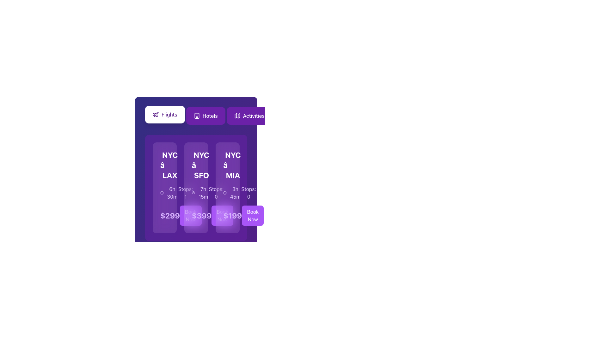 The height and width of the screenshot is (341, 607). What do you see at coordinates (210, 116) in the screenshot?
I see `the 'Hotels' text label within the second button of the navigation bar` at bounding box center [210, 116].